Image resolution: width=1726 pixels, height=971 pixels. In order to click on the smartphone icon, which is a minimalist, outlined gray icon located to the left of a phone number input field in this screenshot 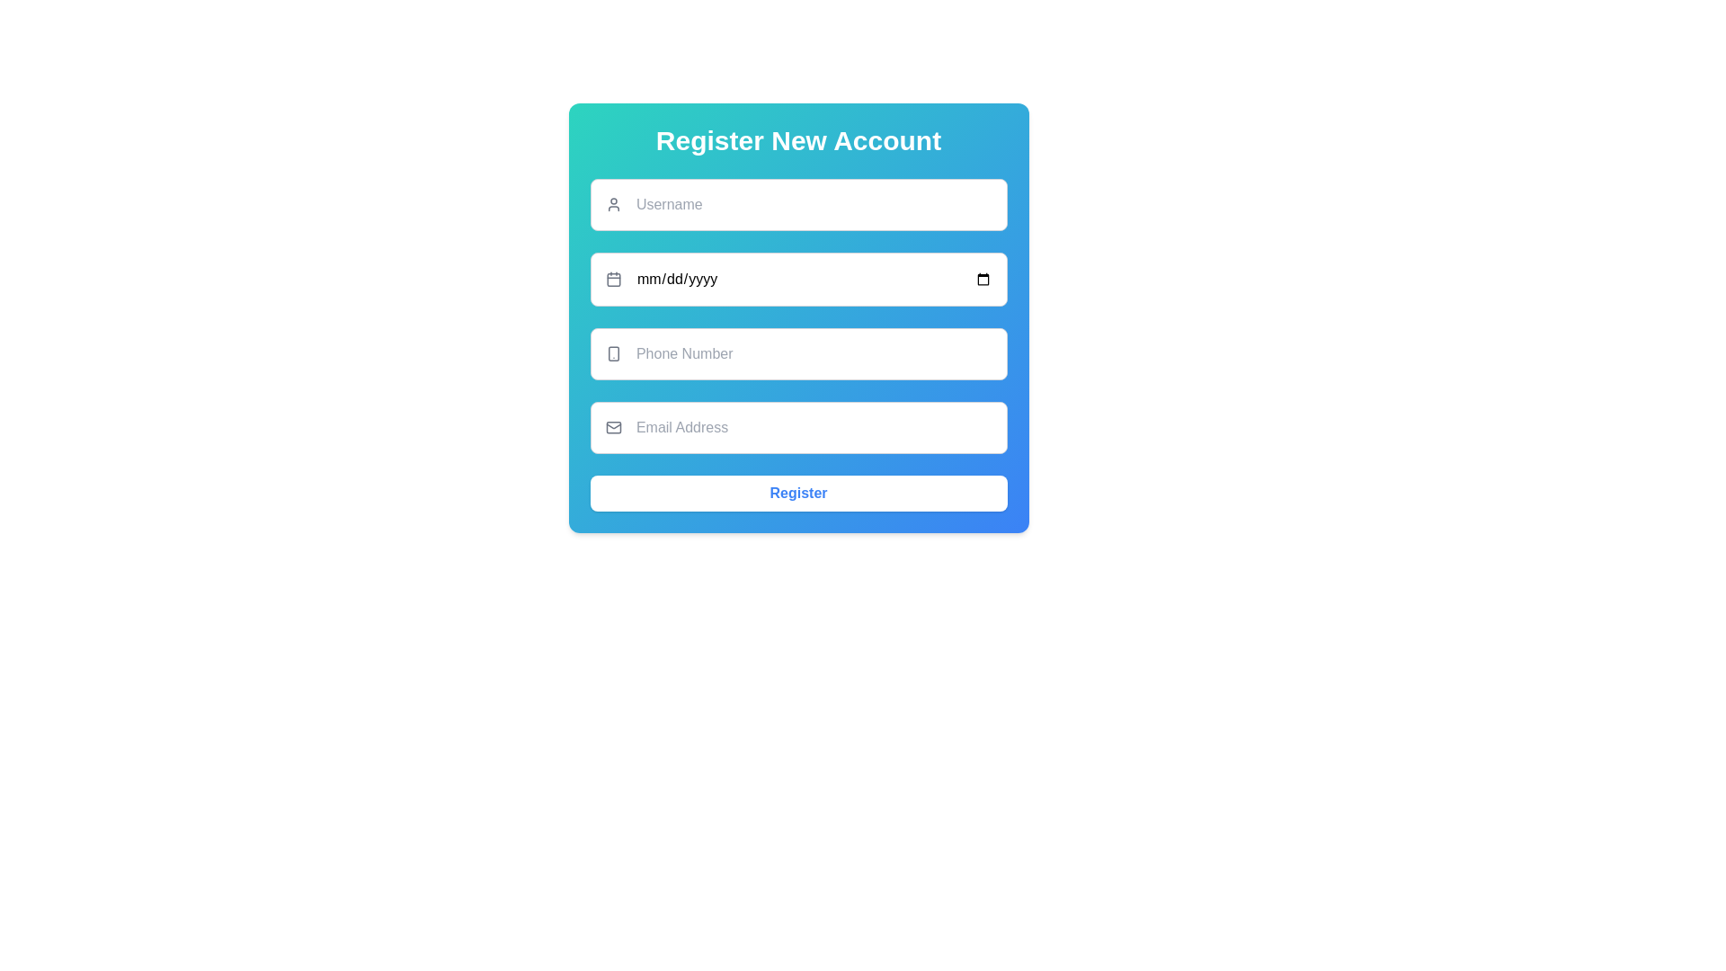, I will do `click(613, 353)`.